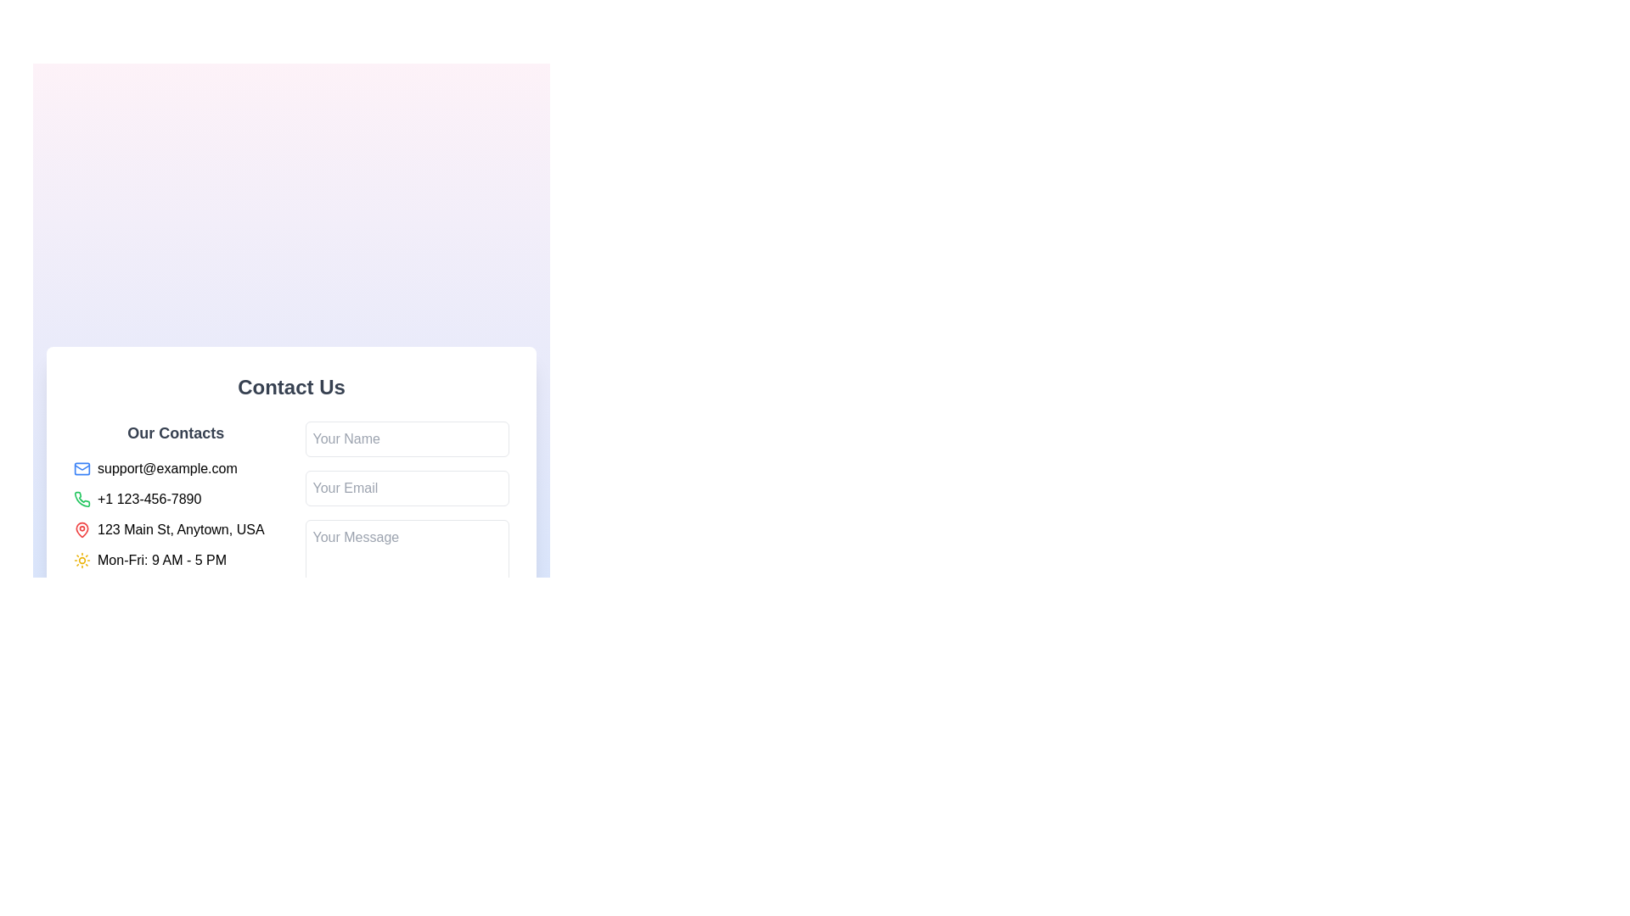  Describe the element at coordinates (176, 513) in the screenshot. I see `the interactive email or phone number link in the multi-line textual block containing contact information located in the 'Our Contacts' section` at that location.